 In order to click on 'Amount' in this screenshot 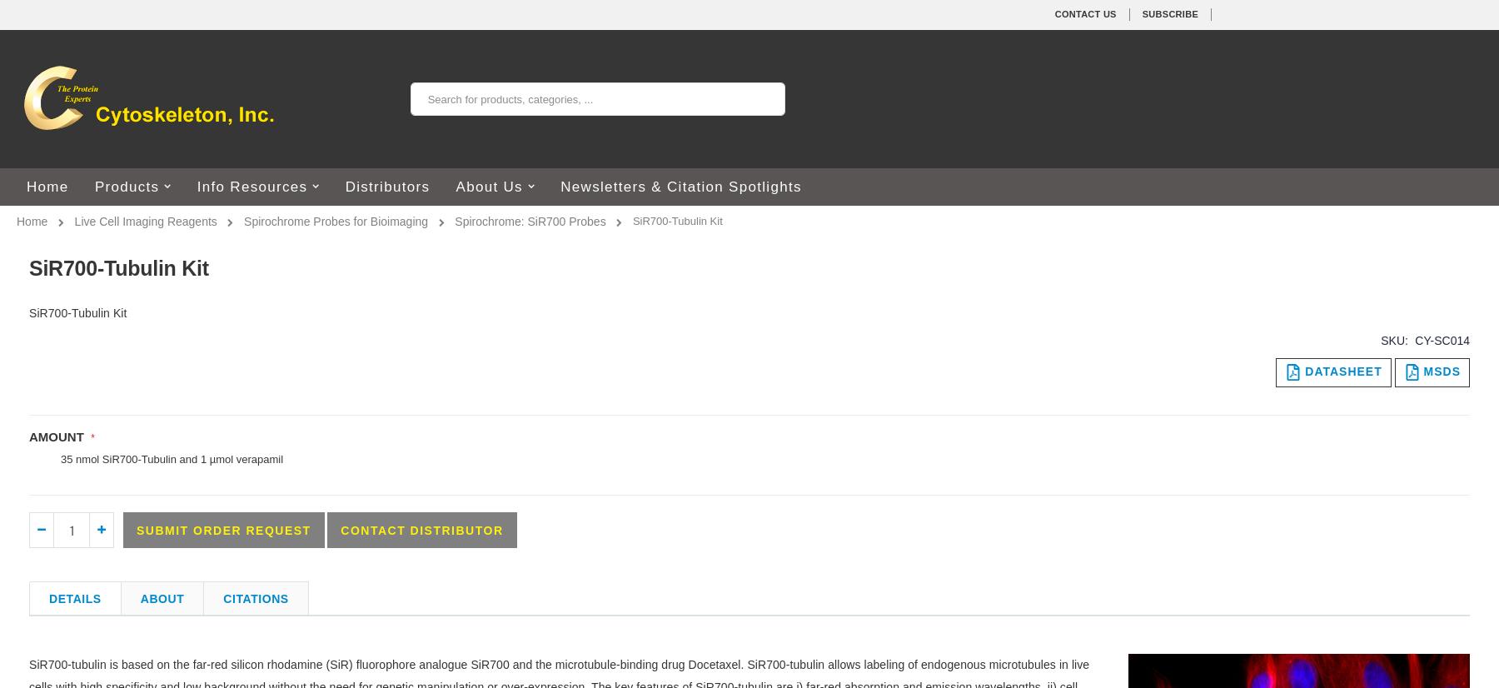, I will do `click(55, 435)`.